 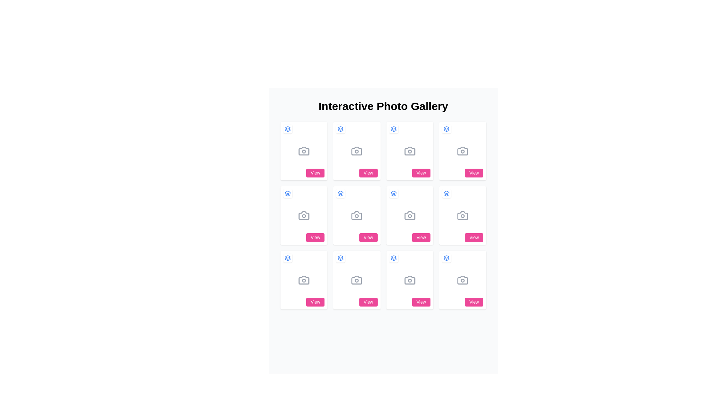 What do you see at coordinates (409, 151) in the screenshot?
I see `the camera icon, which is round and gray, located in the third column of the first row beneath the 'Interactive Photo Gallery' header` at bounding box center [409, 151].